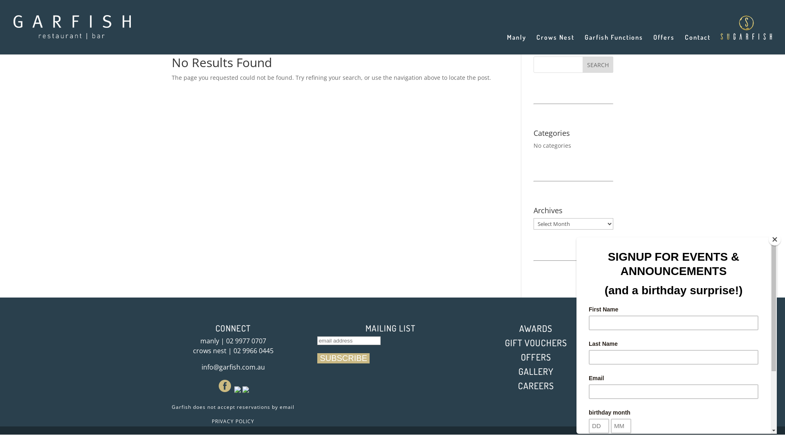 The height and width of the screenshot is (442, 785). I want to click on 'Garfish Functions', so click(614, 44).